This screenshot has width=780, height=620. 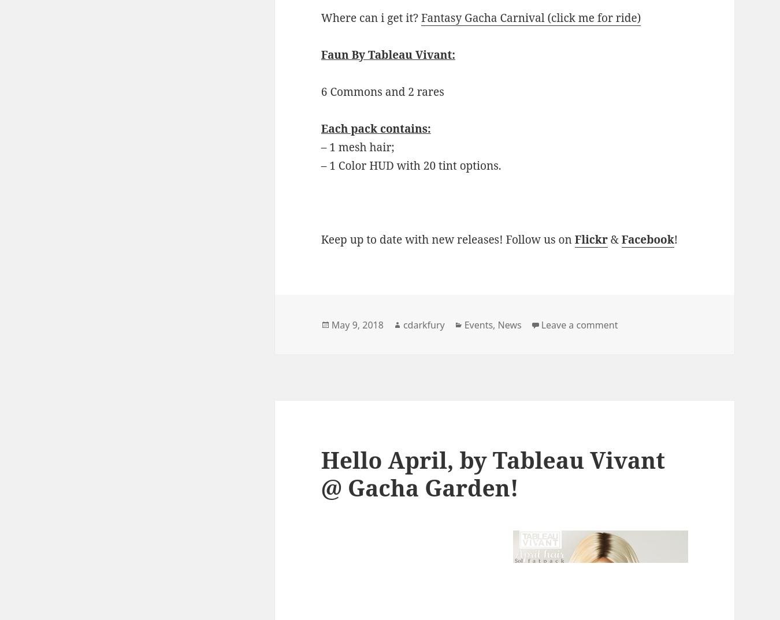 What do you see at coordinates (578, 324) in the screenshot?
I see `'Leave a comment'` at bounding box center [578, 324].